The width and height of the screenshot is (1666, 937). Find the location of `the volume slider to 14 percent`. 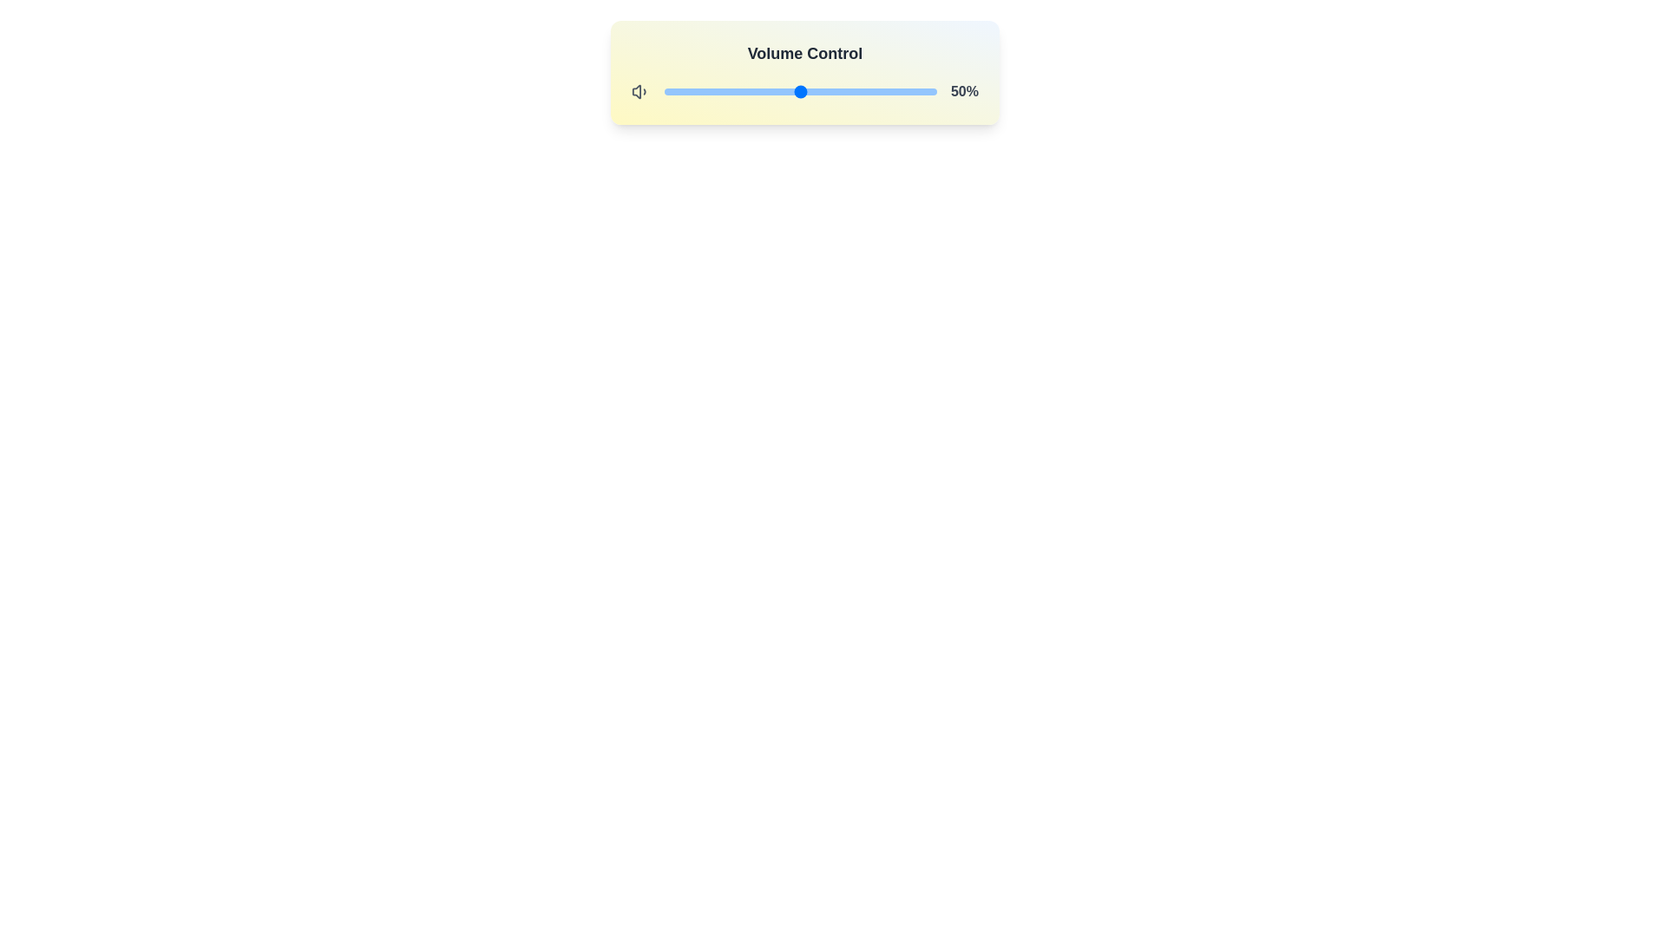

the volume slider to 14 percent is located at coordinates (702, 91).